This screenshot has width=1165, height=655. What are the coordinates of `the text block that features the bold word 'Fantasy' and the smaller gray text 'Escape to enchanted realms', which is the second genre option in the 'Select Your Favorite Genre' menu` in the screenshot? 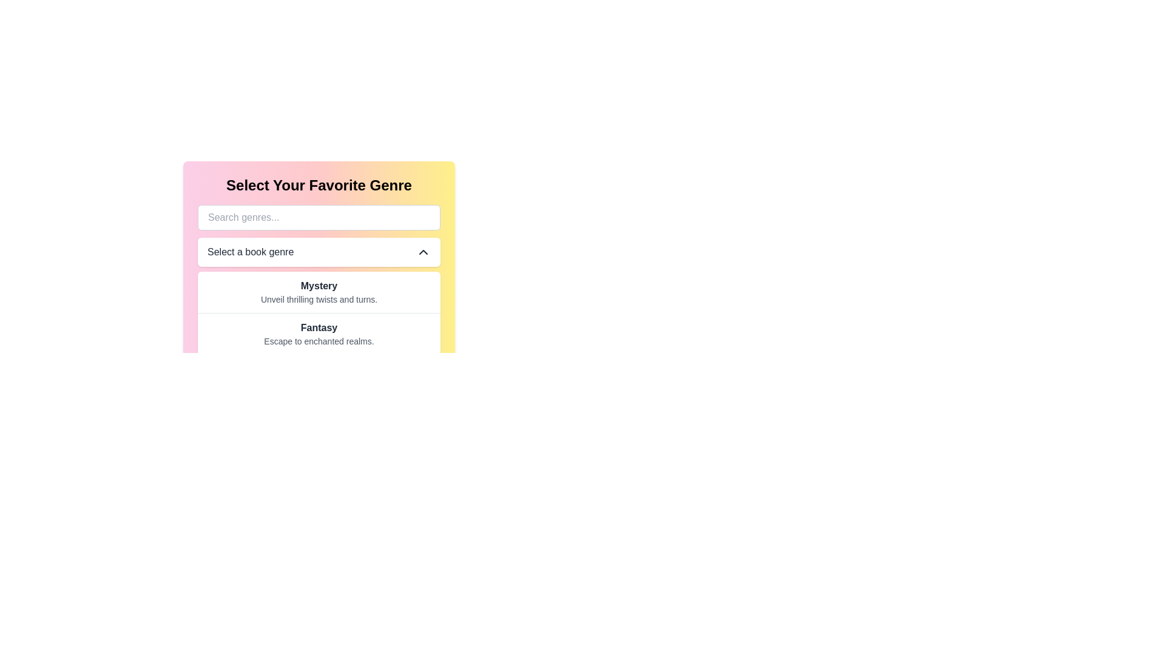 It's located at (319, 334).